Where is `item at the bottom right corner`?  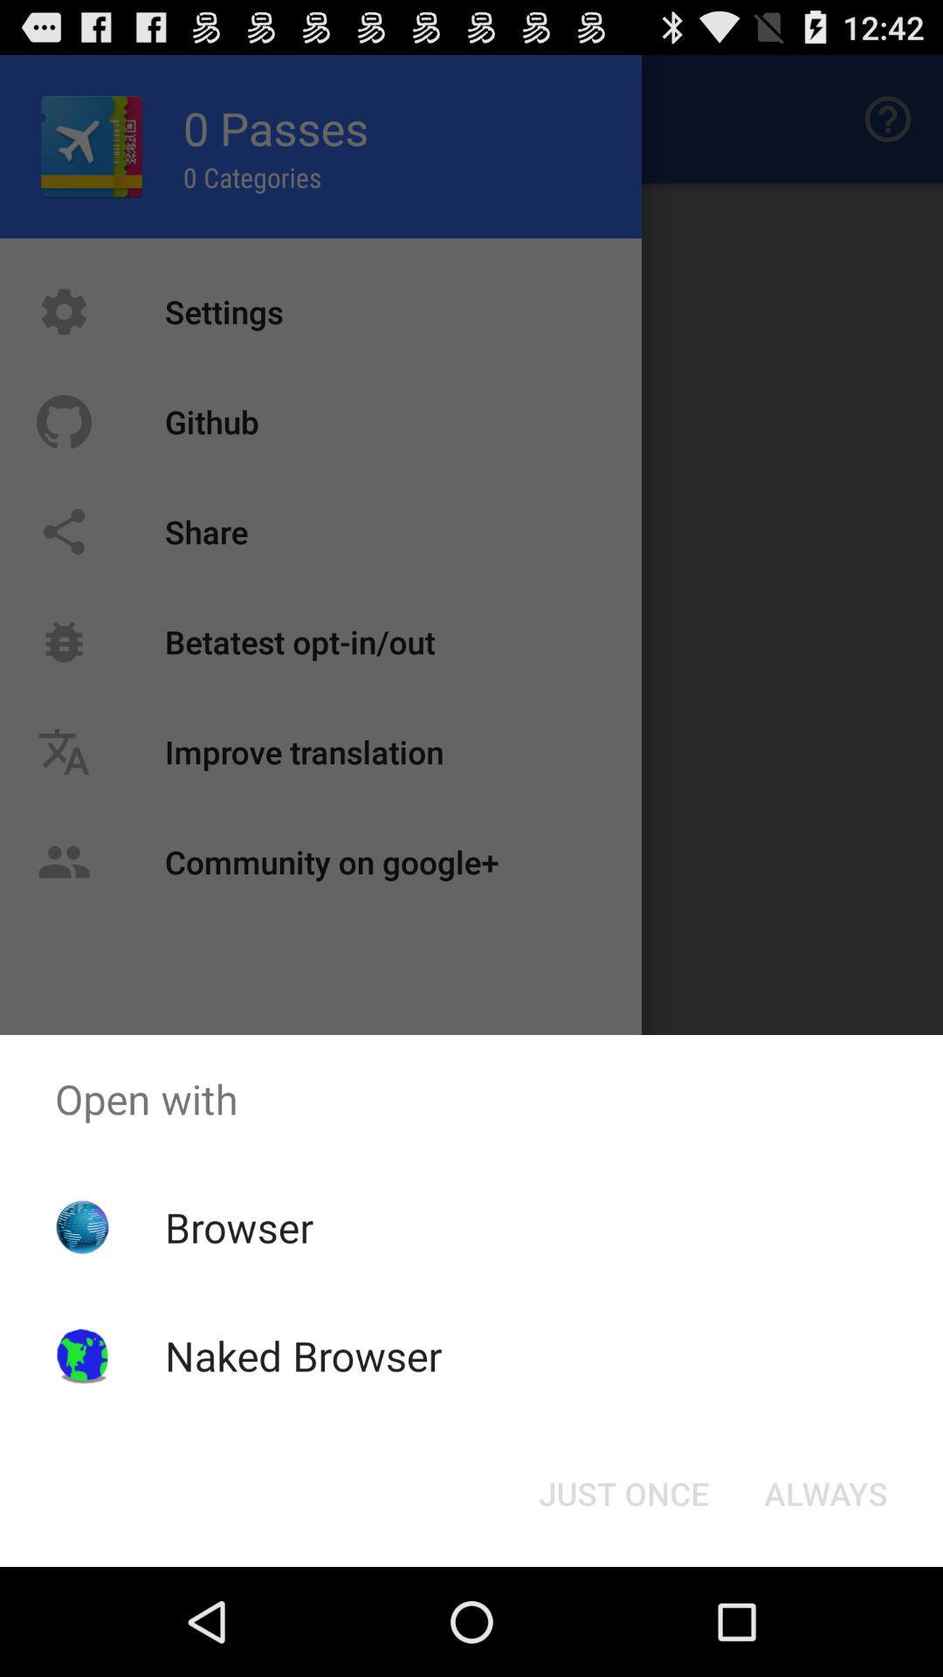 item at the bottom right corner is located at coordinates (825, 1492).